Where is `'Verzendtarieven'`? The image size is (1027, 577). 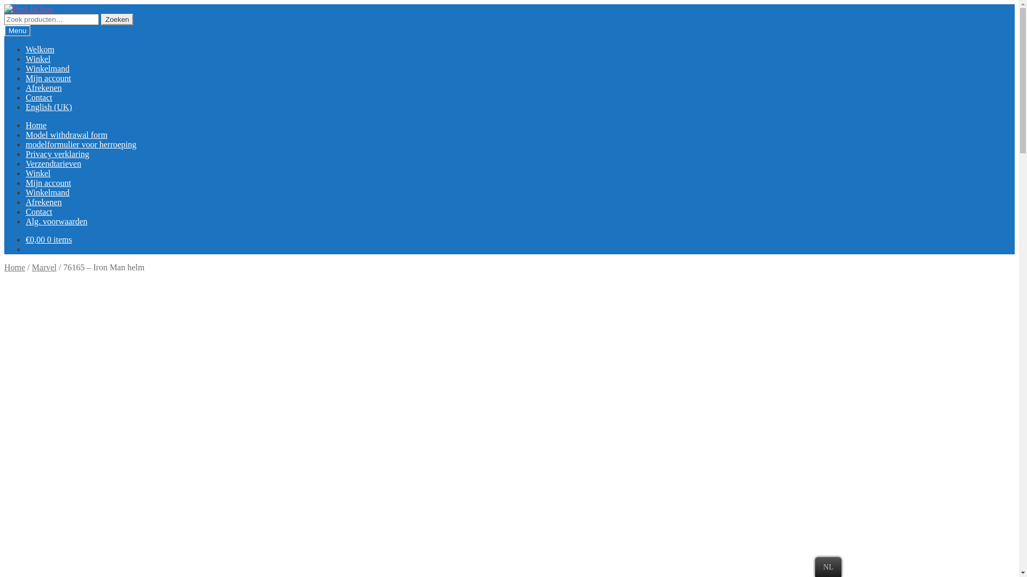
'Verzendtarieven' is located at coordinates (53, 163).